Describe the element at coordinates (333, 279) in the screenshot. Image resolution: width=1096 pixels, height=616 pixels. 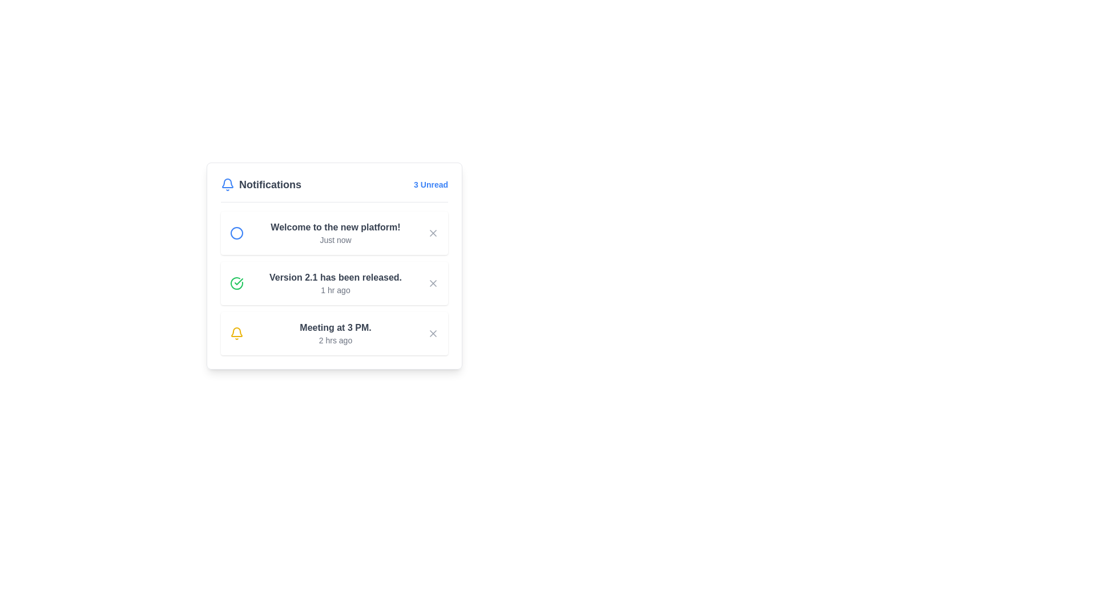
I see `information presented in the second notification list item located in the notification panel, situated below 'Welcome to the new platform!' and above 'Meeting at 3 PM.'` at that location.